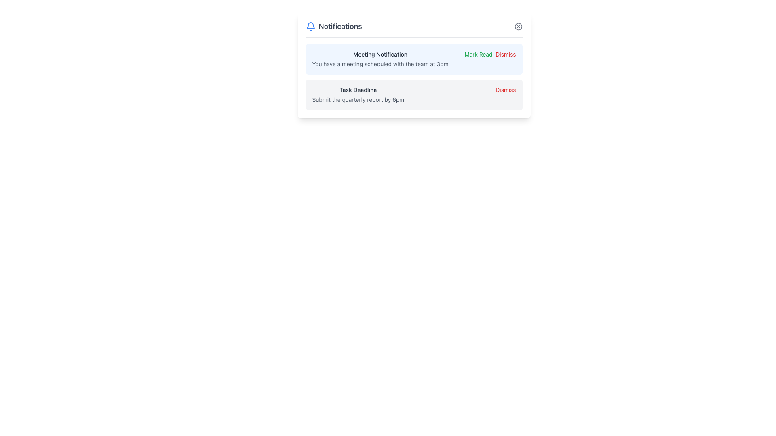 Image resolution: width=776 pixels, height=436 pixels. I want to click on the small red 'Dismiss' text link, so click(505, 55).